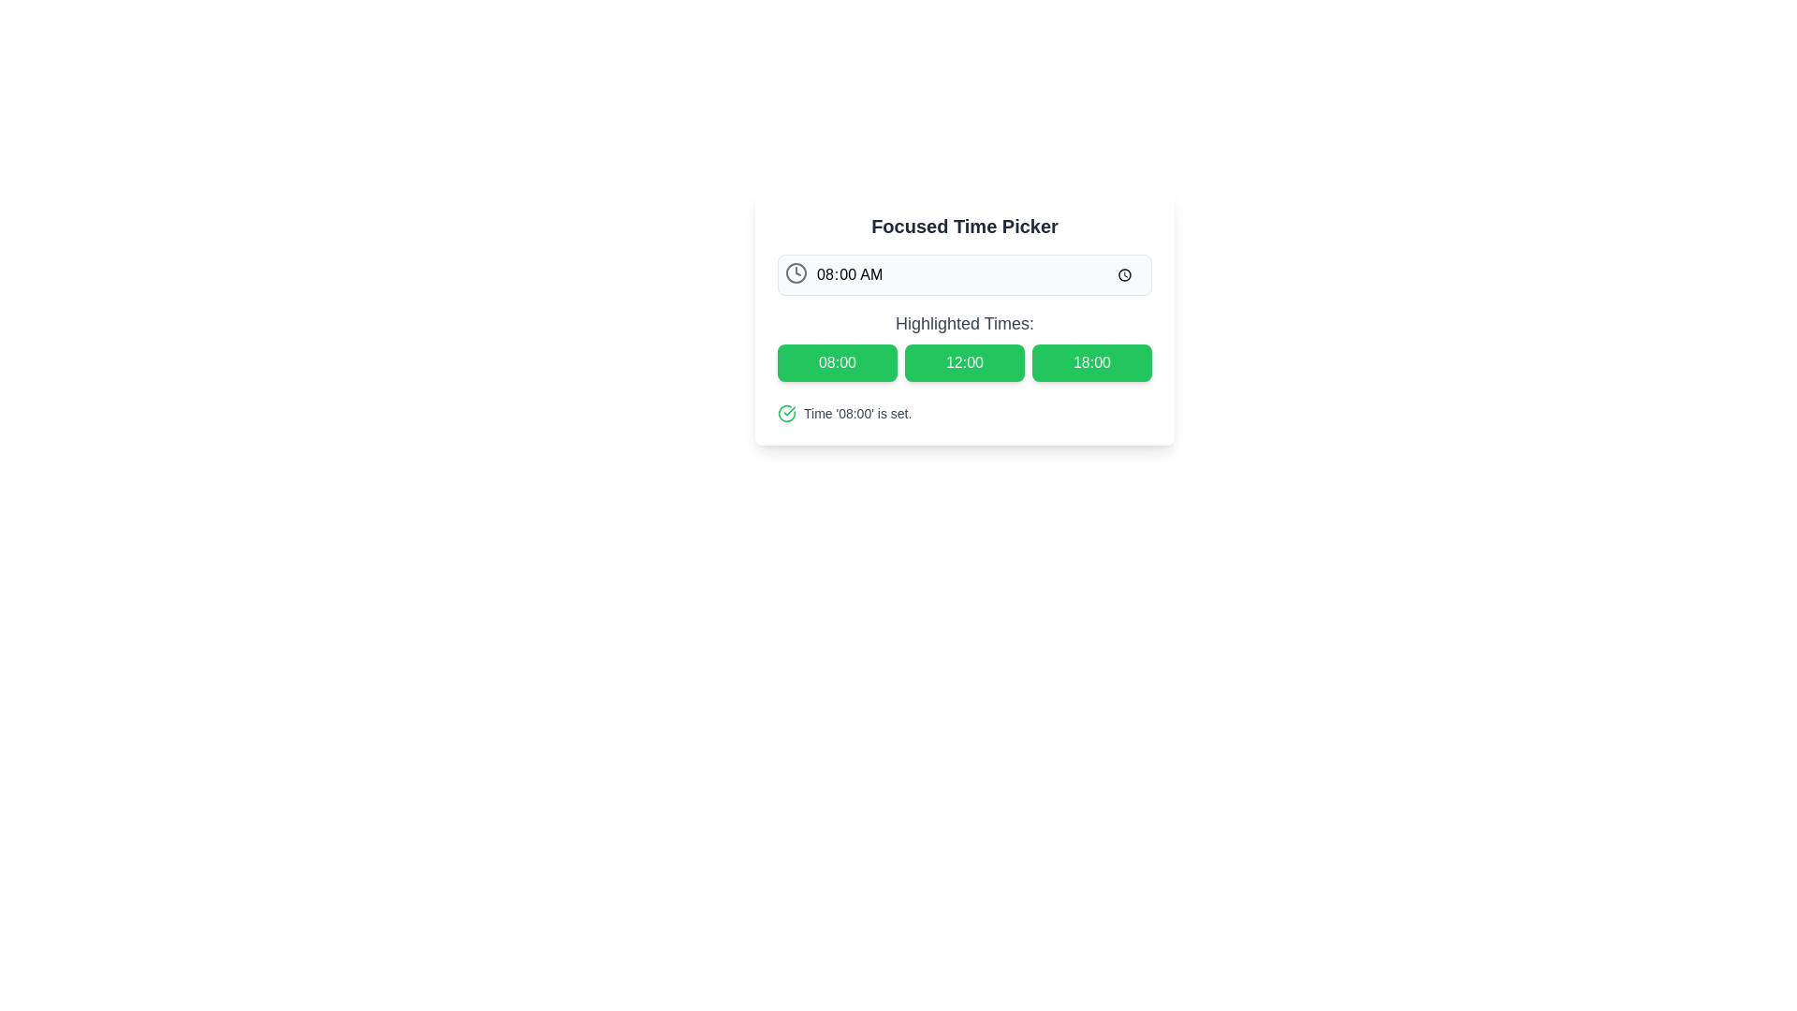 The width and height of the screenshot is (1797, 1011). I want to click on the green button labeled '18:00', so click(1091, 363).